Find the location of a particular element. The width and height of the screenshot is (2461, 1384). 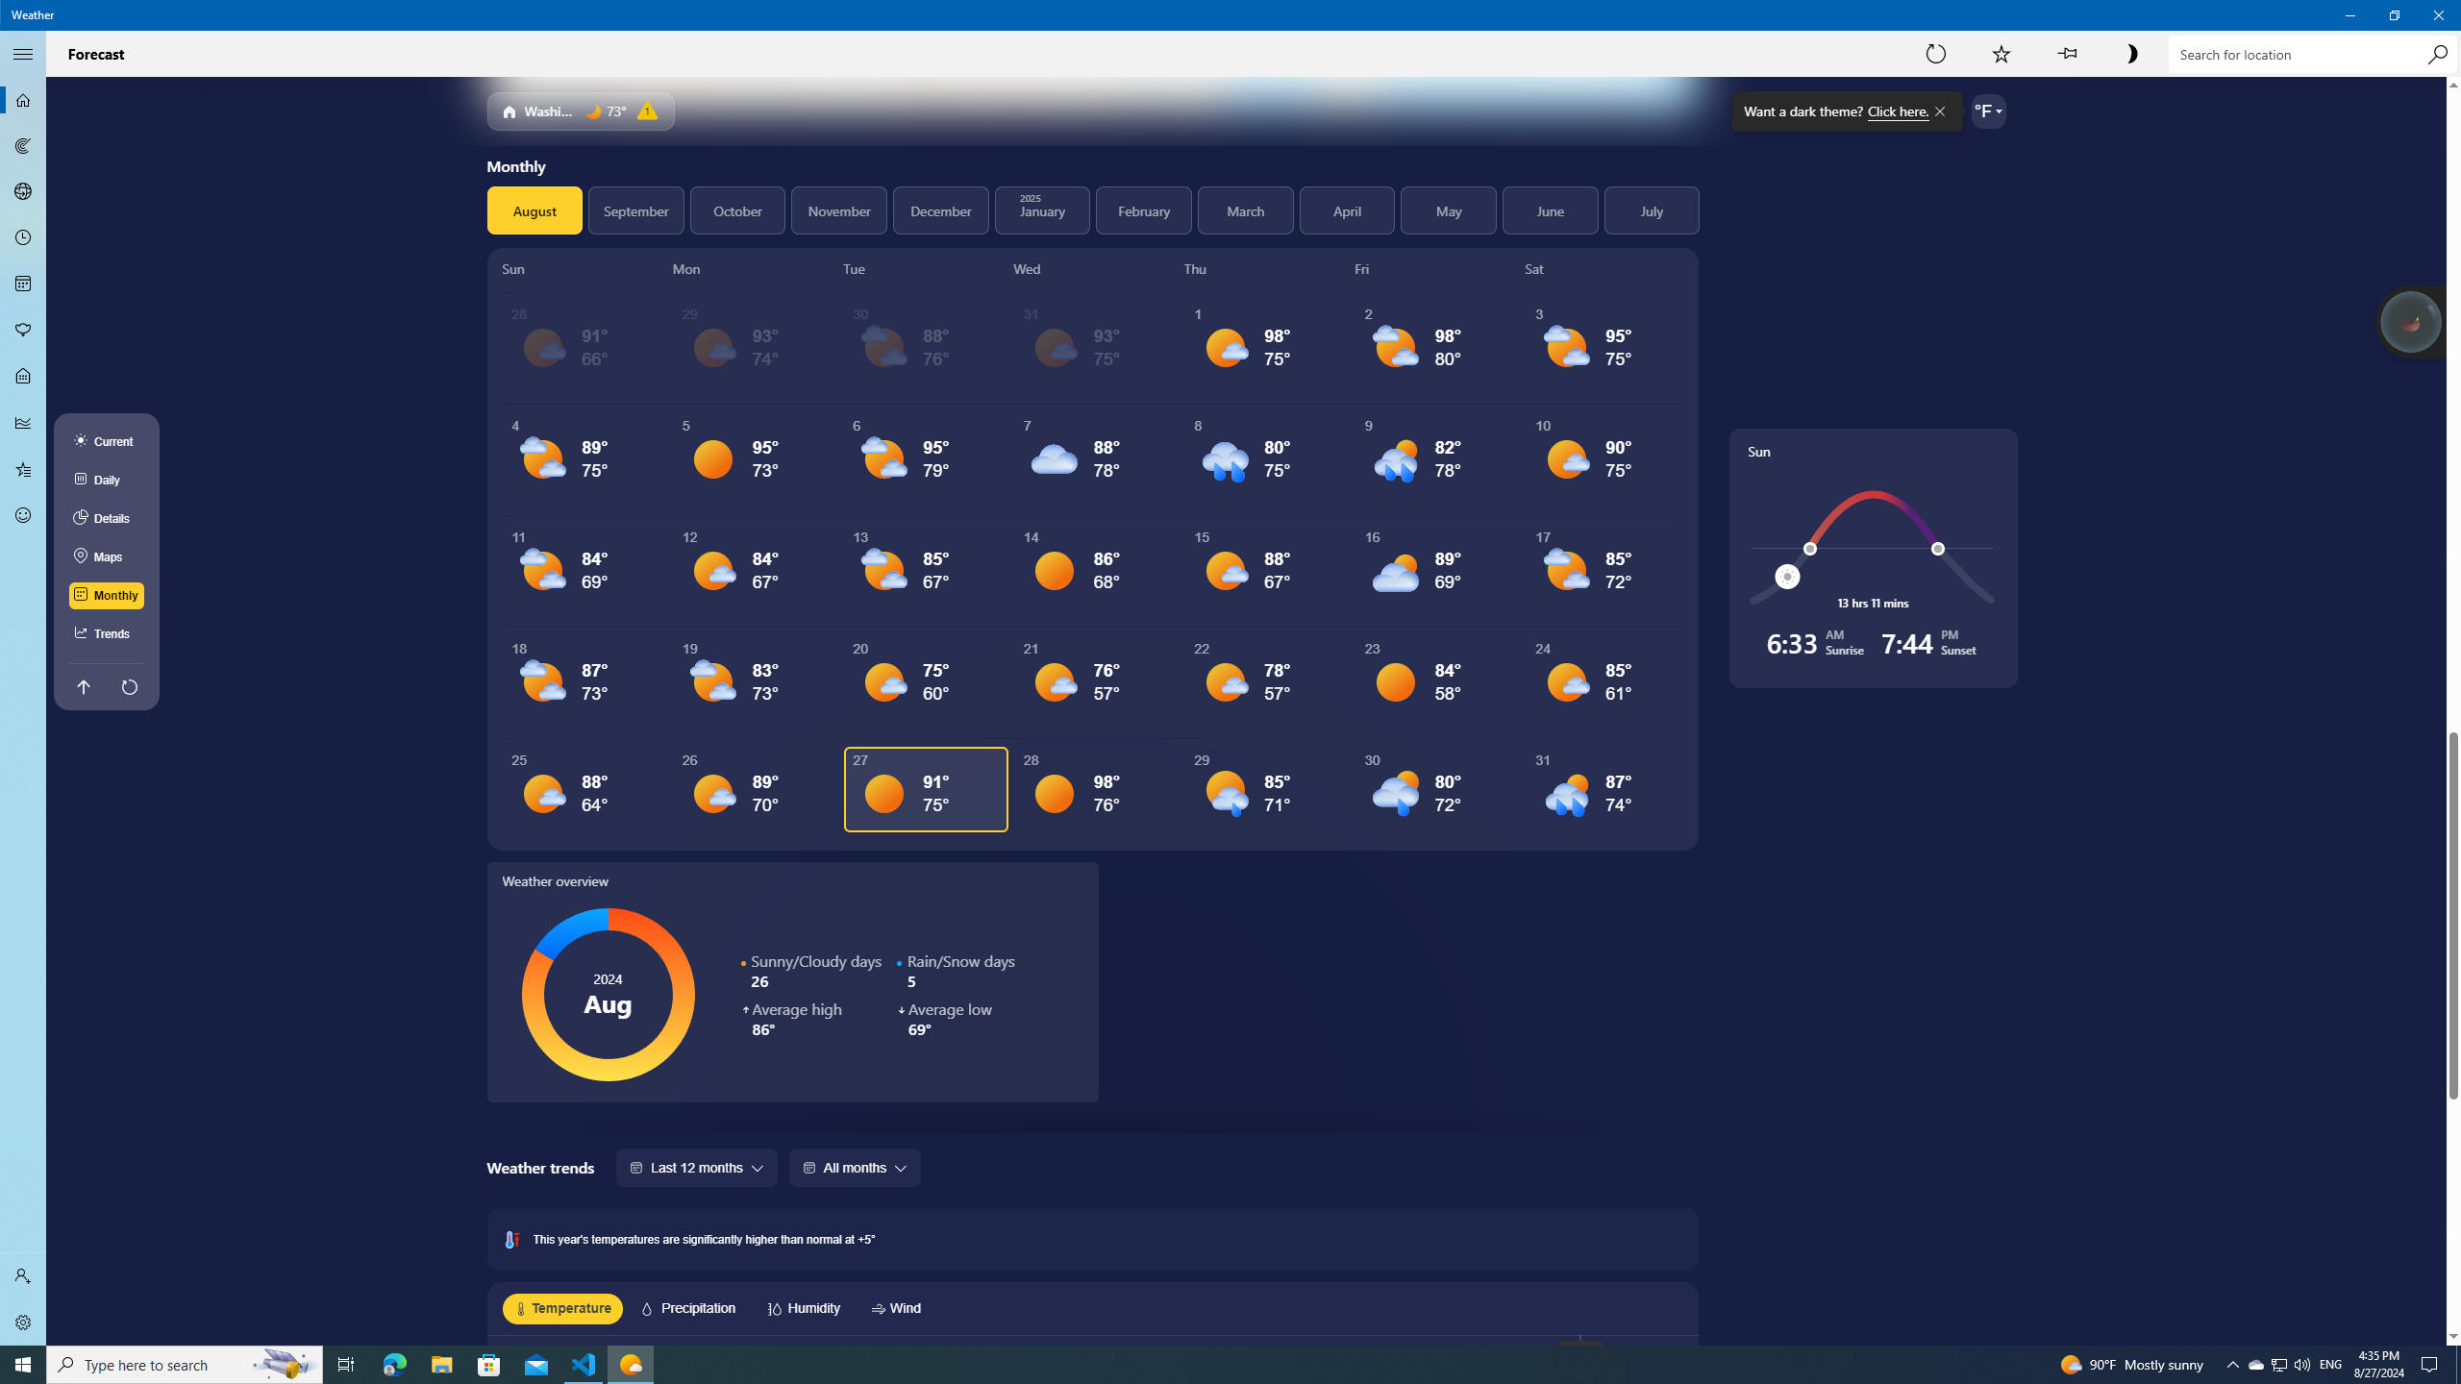

'Historical Weather - Not Selected' is located at coordinates (23, 421).